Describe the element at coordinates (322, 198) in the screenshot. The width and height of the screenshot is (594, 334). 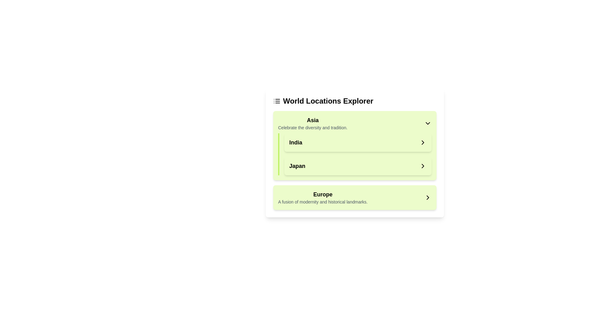
I see `the selectable list item labeled 'Europe' which contains a bold title and a description in muted gray text` at that location.